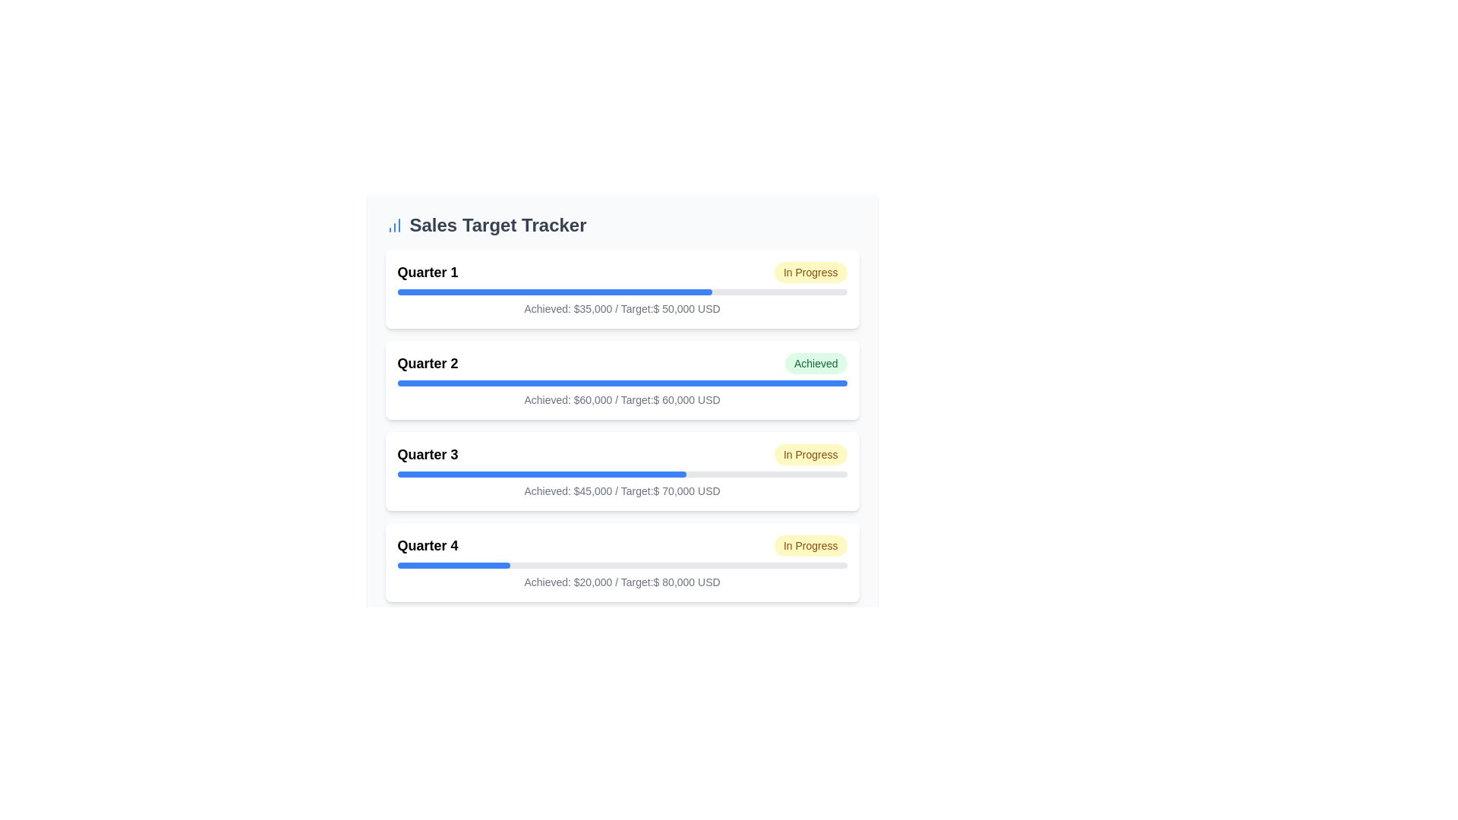  Describe the element at coordinates (622, 562) in the screenshot. I see `the progress card that displays the goal achievement for the specific quarter, positioned as the fourth entry in a vertical list of cards, located at the bottom and adjacent to the 'Quarter 3' card` at that location.